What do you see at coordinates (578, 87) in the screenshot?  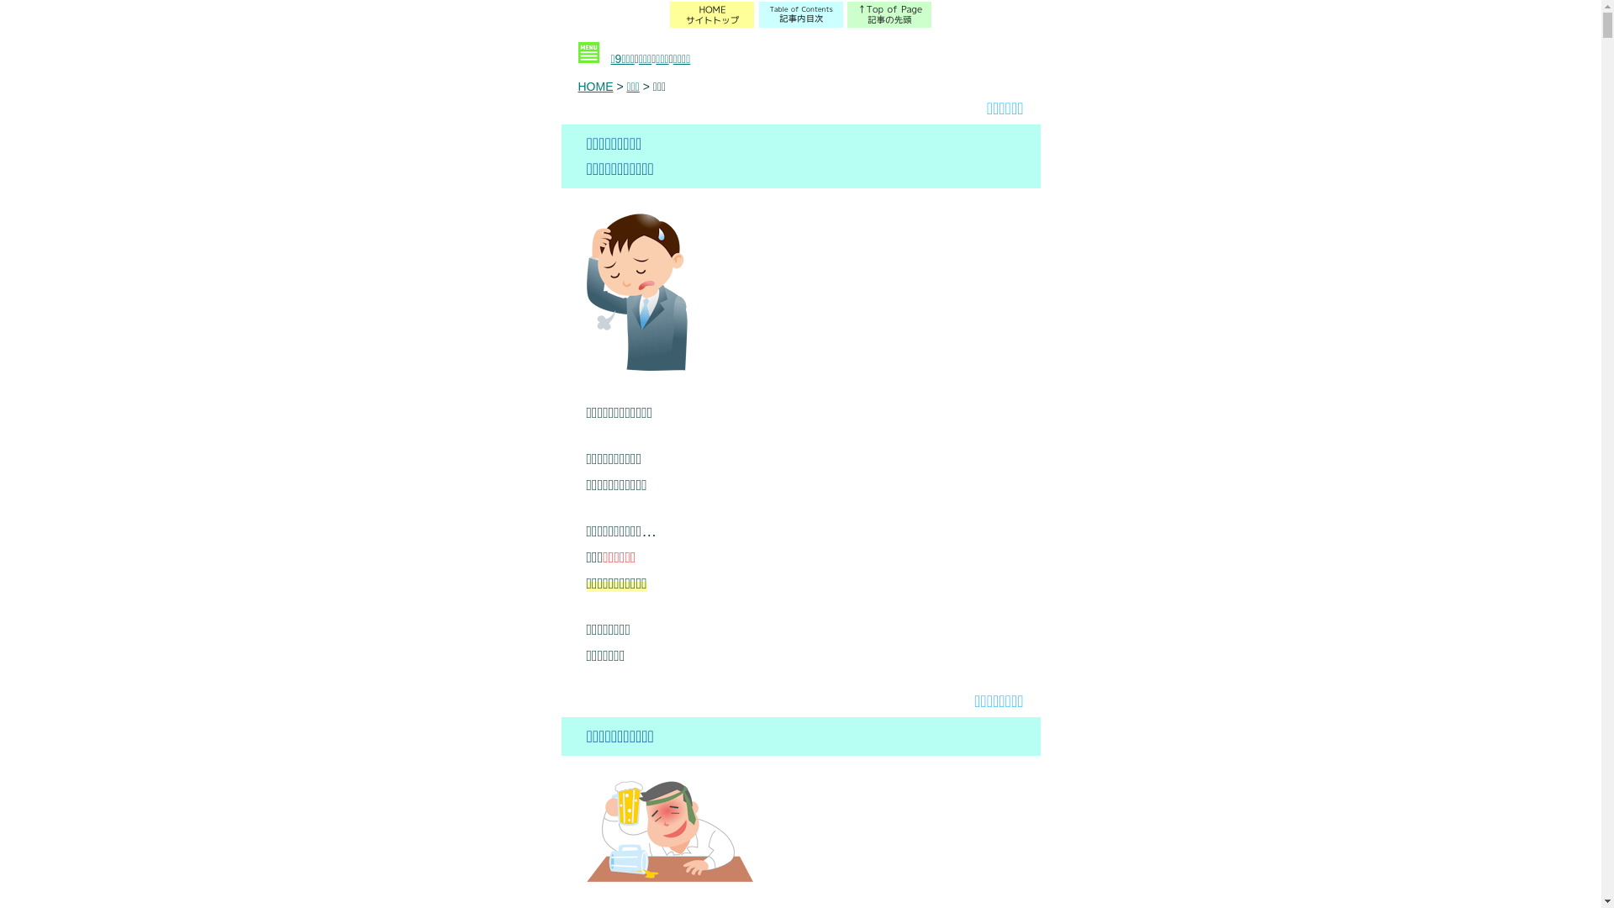 I see `'HOME'` at bounding box center [578, 87].